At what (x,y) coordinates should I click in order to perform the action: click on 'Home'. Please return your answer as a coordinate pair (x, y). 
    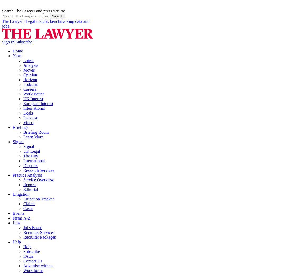
    Looking at the image, I should click on (18, 51).